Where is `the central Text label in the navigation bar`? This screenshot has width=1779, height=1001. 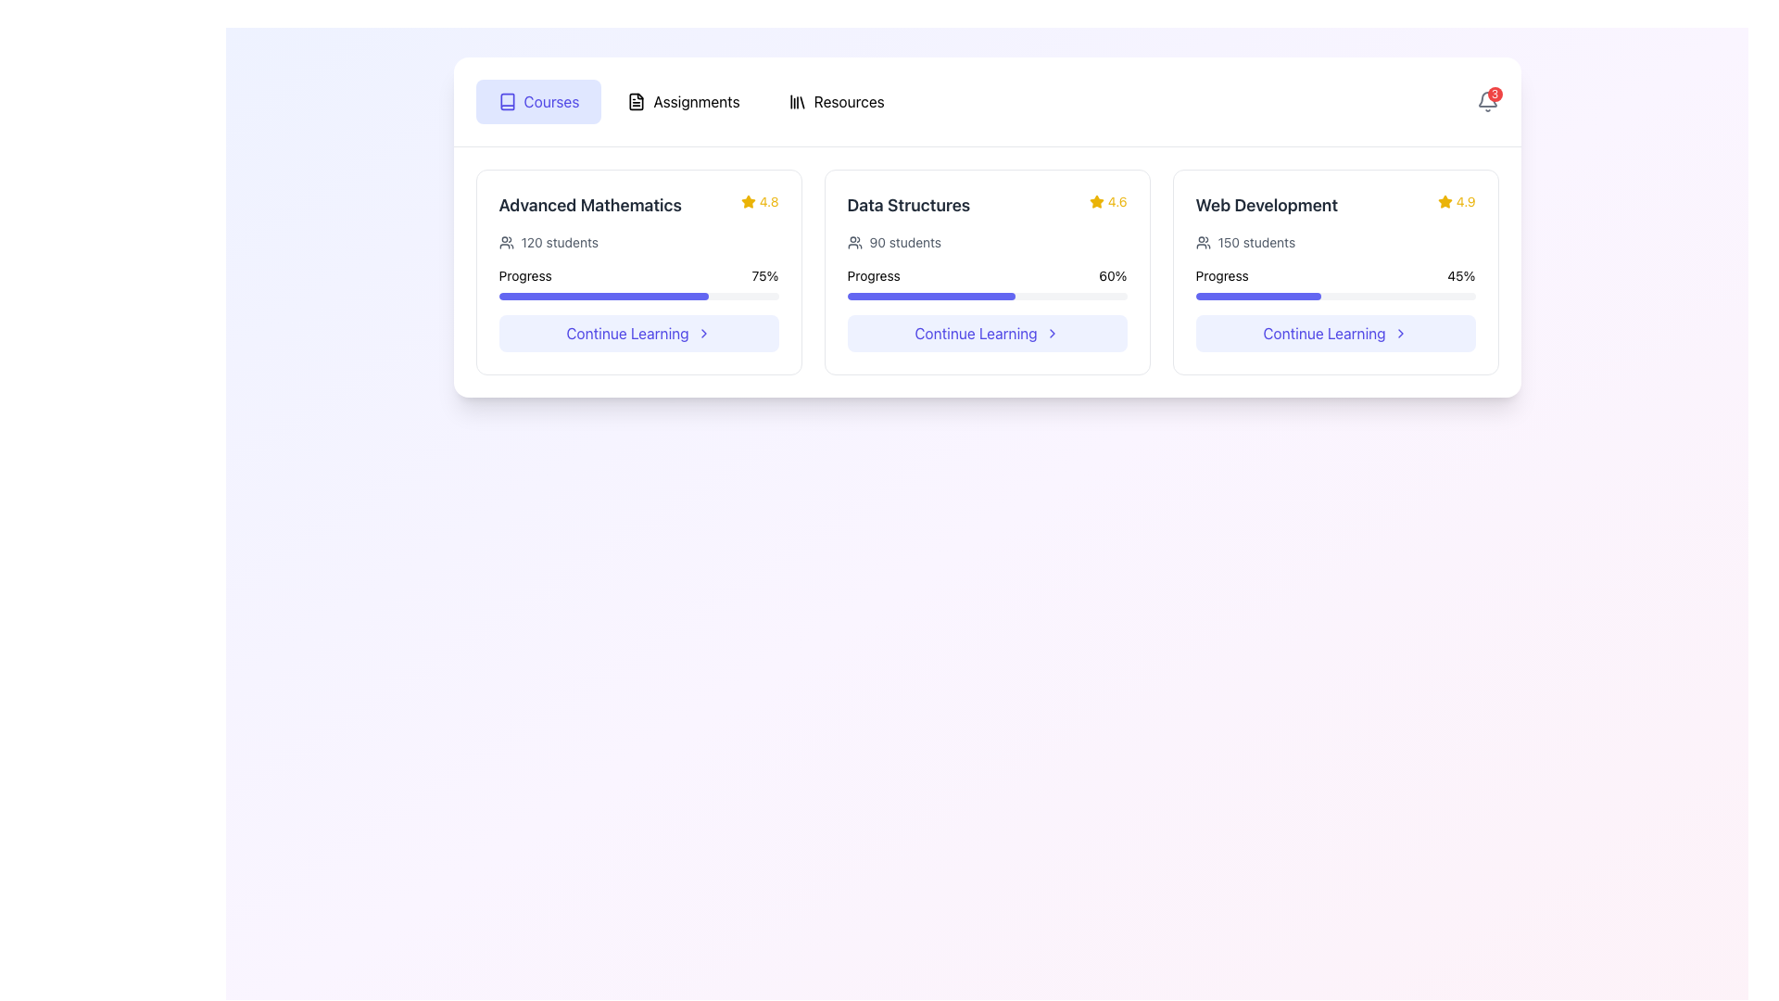 the central Text label in the navigation bar is located at coordinates (696, 102).